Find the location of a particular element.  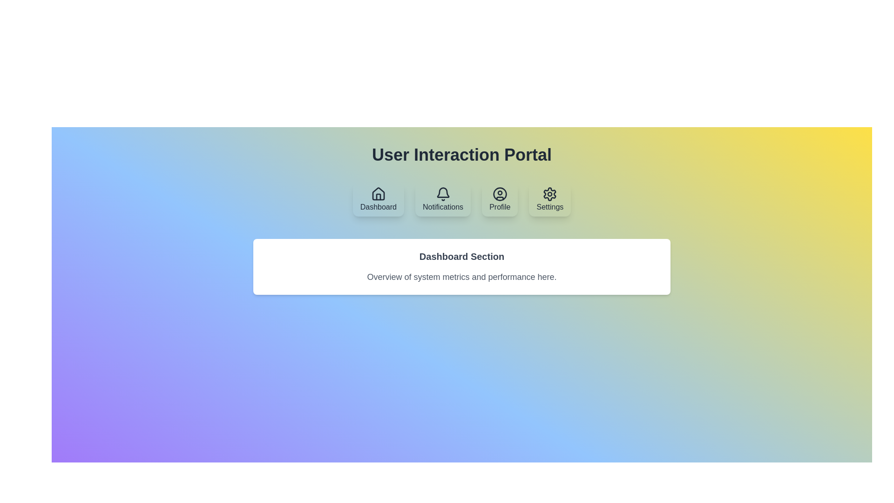

the Notifications tab by clicking on its button is located at coordinates (442, 199).